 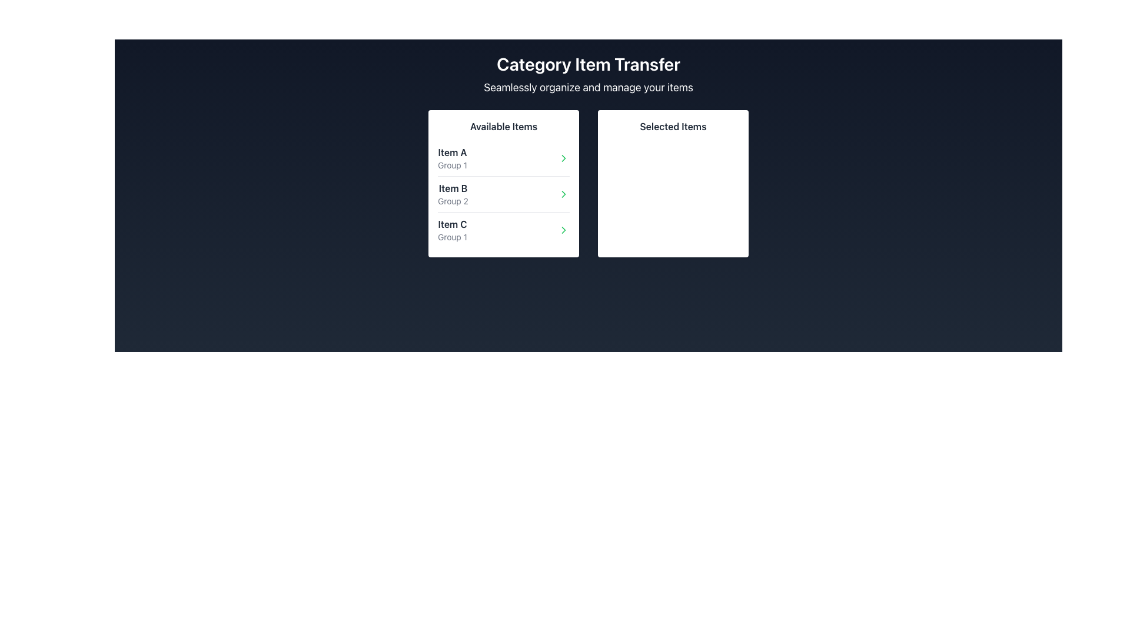 I want to click on the button for transferring 'Item A' from the 'Available Items' list to the 'Selected Items' list, so click(x=563, y=158).